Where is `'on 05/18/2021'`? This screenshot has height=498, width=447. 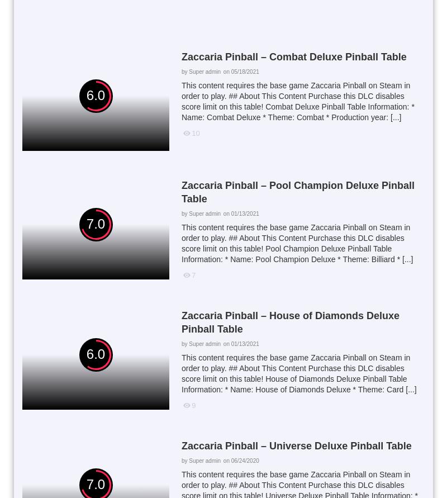 'on 05/18/2021' is located at coordinates (240, 70).